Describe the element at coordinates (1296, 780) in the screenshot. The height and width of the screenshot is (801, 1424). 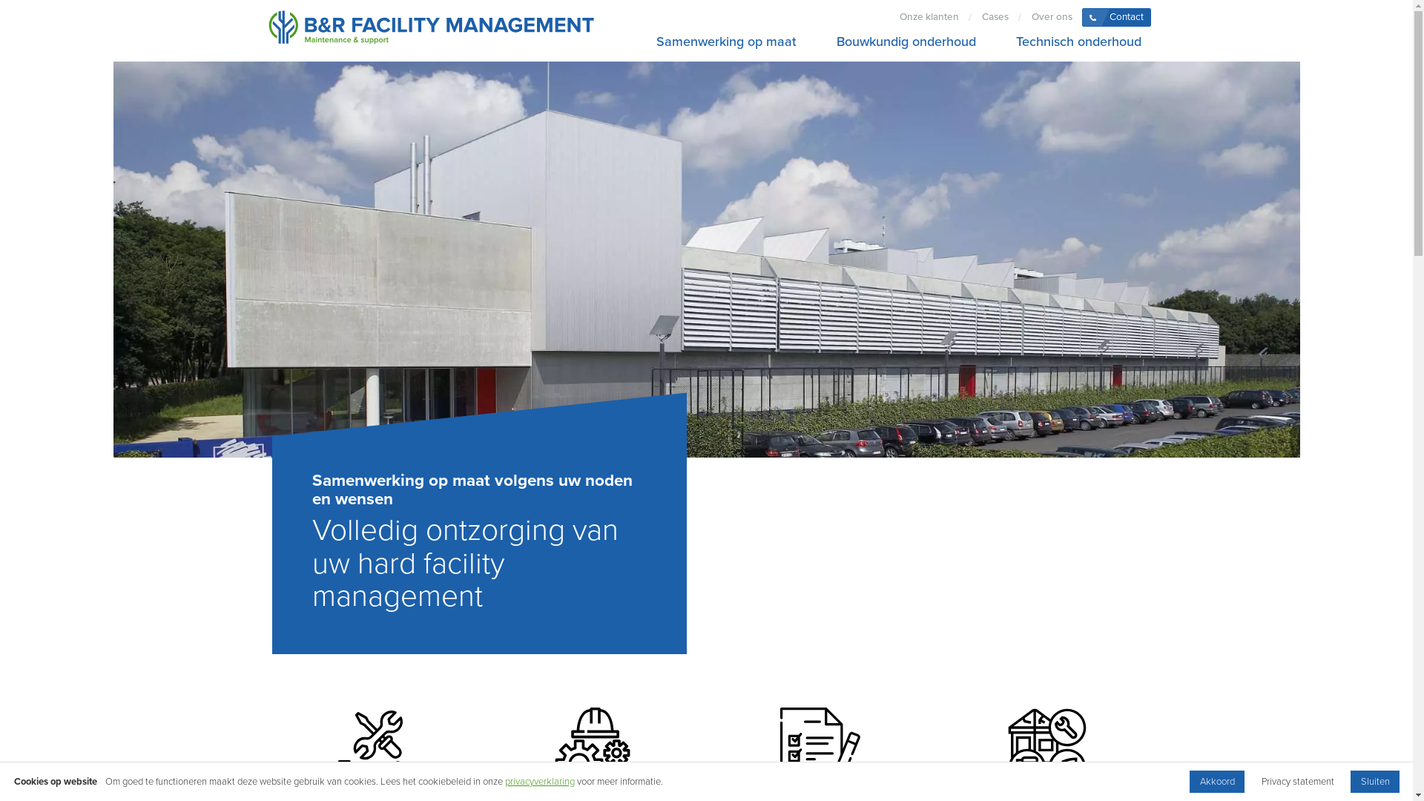
I see `'Privacy statement'` at that location.